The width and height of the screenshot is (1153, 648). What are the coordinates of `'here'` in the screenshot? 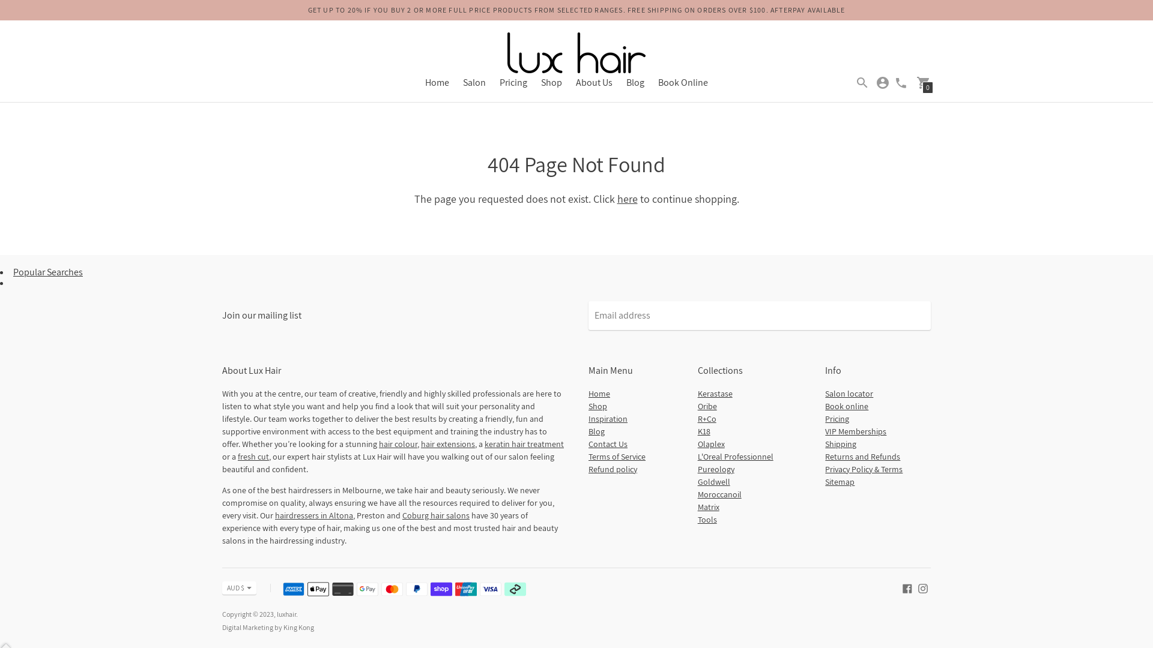 It's located at (617, 198).